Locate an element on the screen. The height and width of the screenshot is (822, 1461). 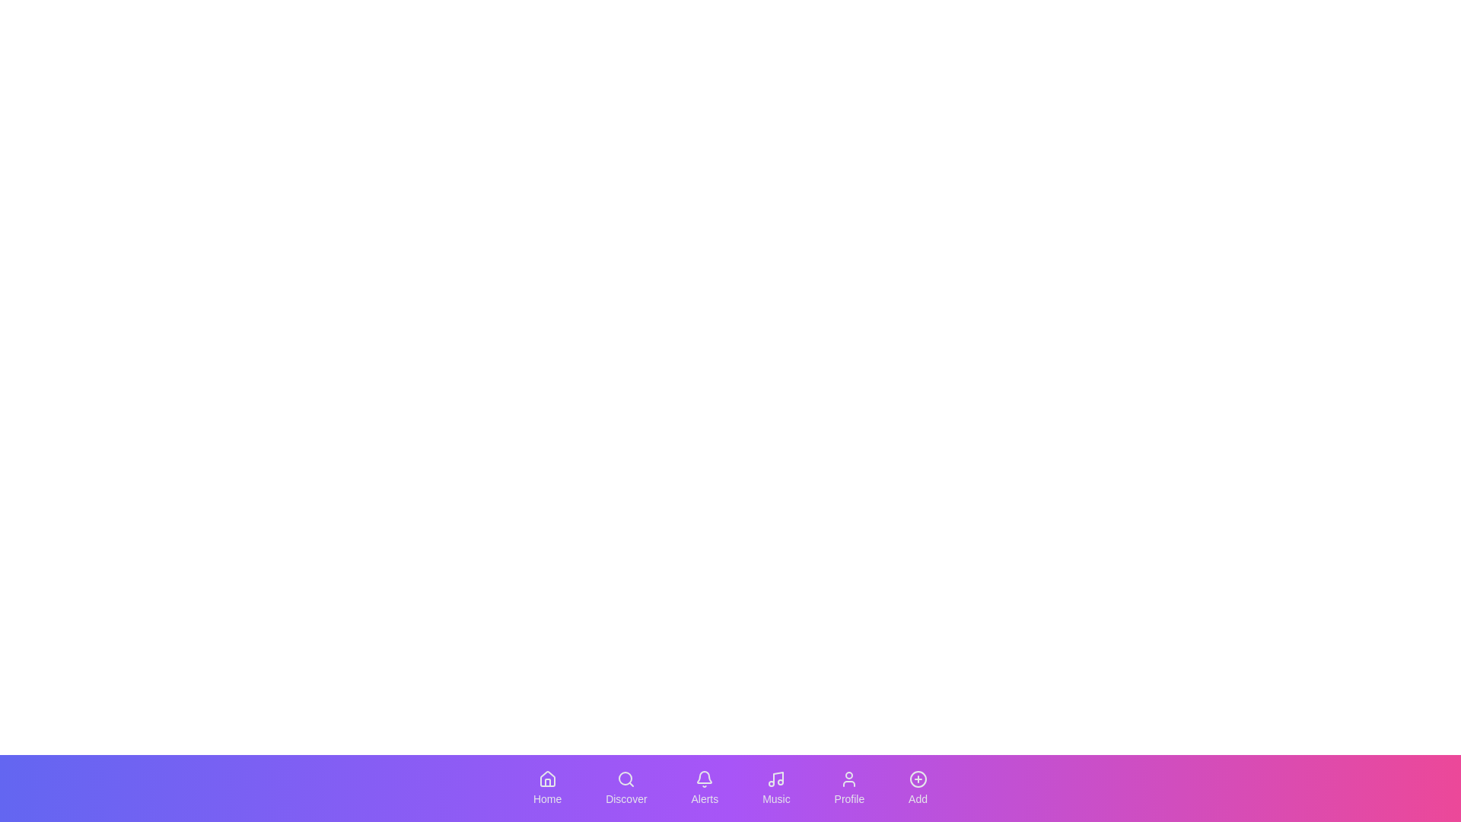
the navigation icon labeled Add is located at coordinates (917, 788).